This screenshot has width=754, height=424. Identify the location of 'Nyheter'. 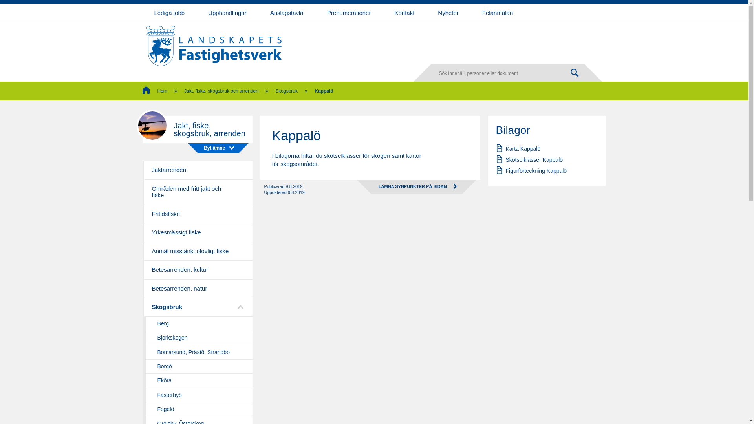
(448, 13).